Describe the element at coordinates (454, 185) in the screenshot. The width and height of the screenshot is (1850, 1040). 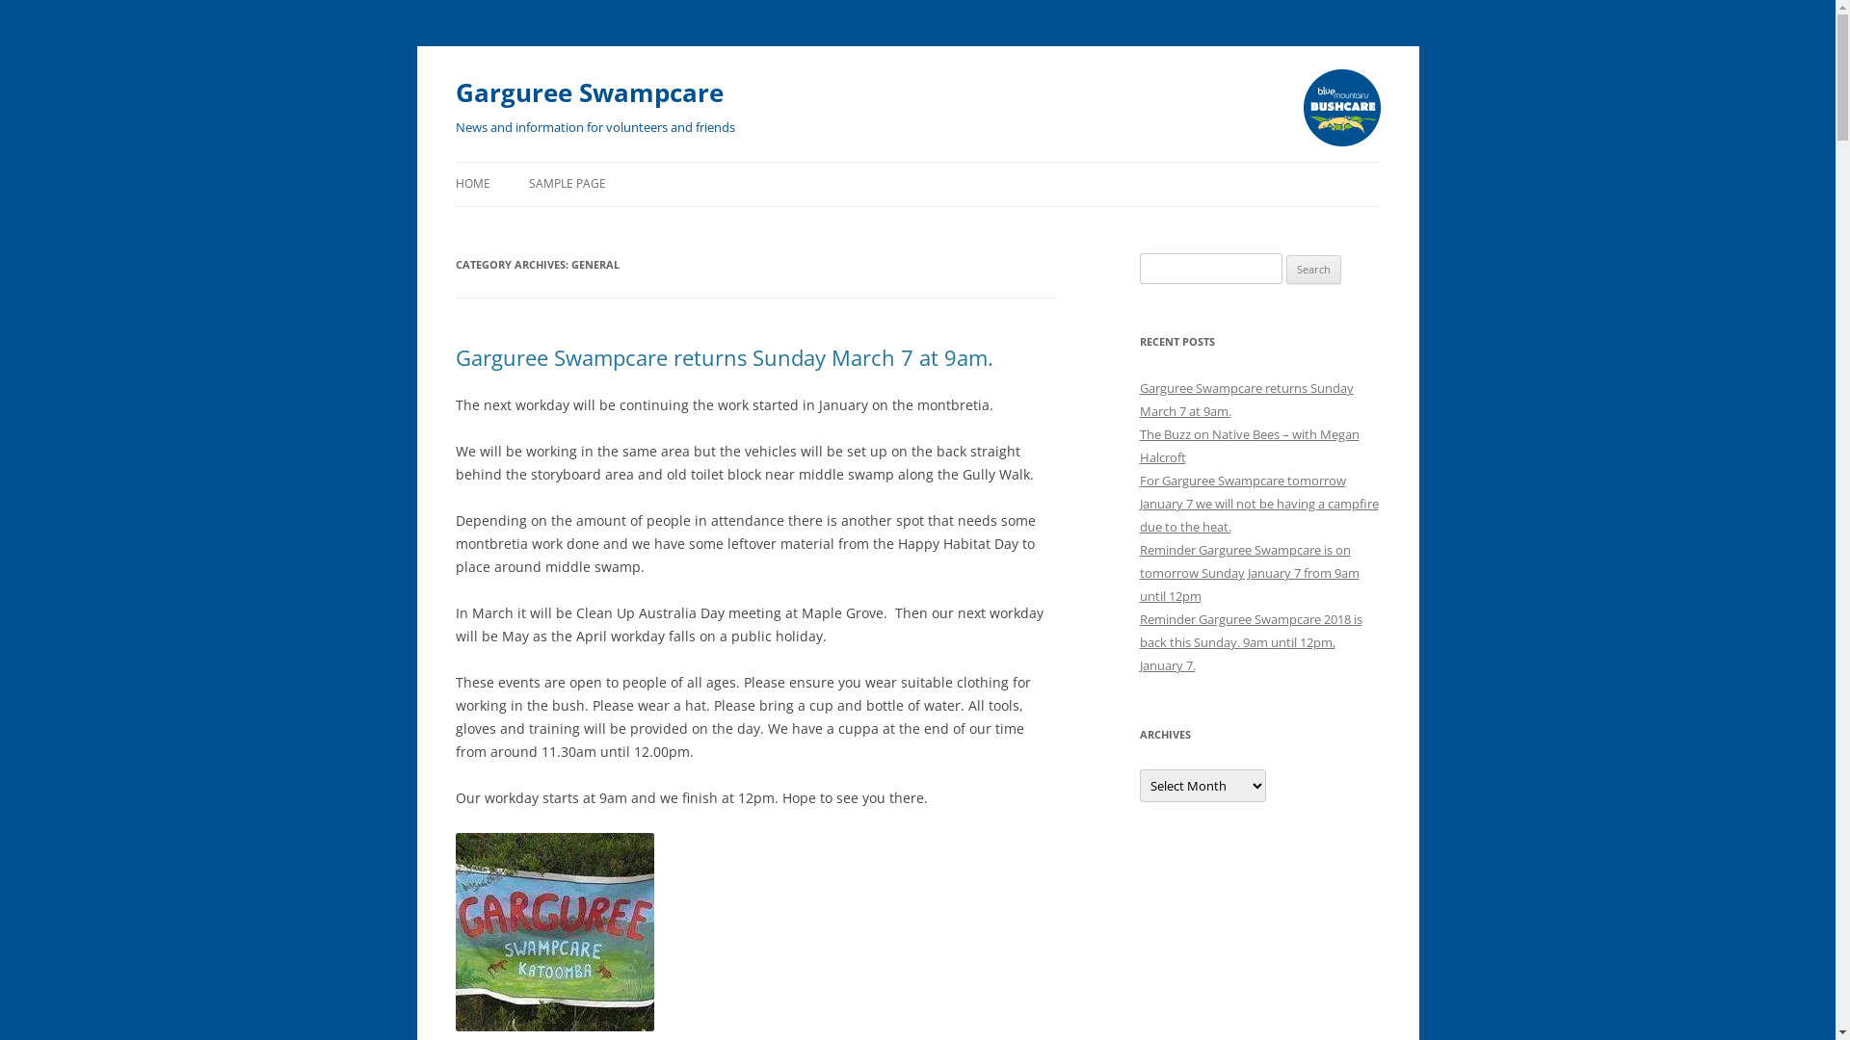
I see `'Skip to content'` at that location.